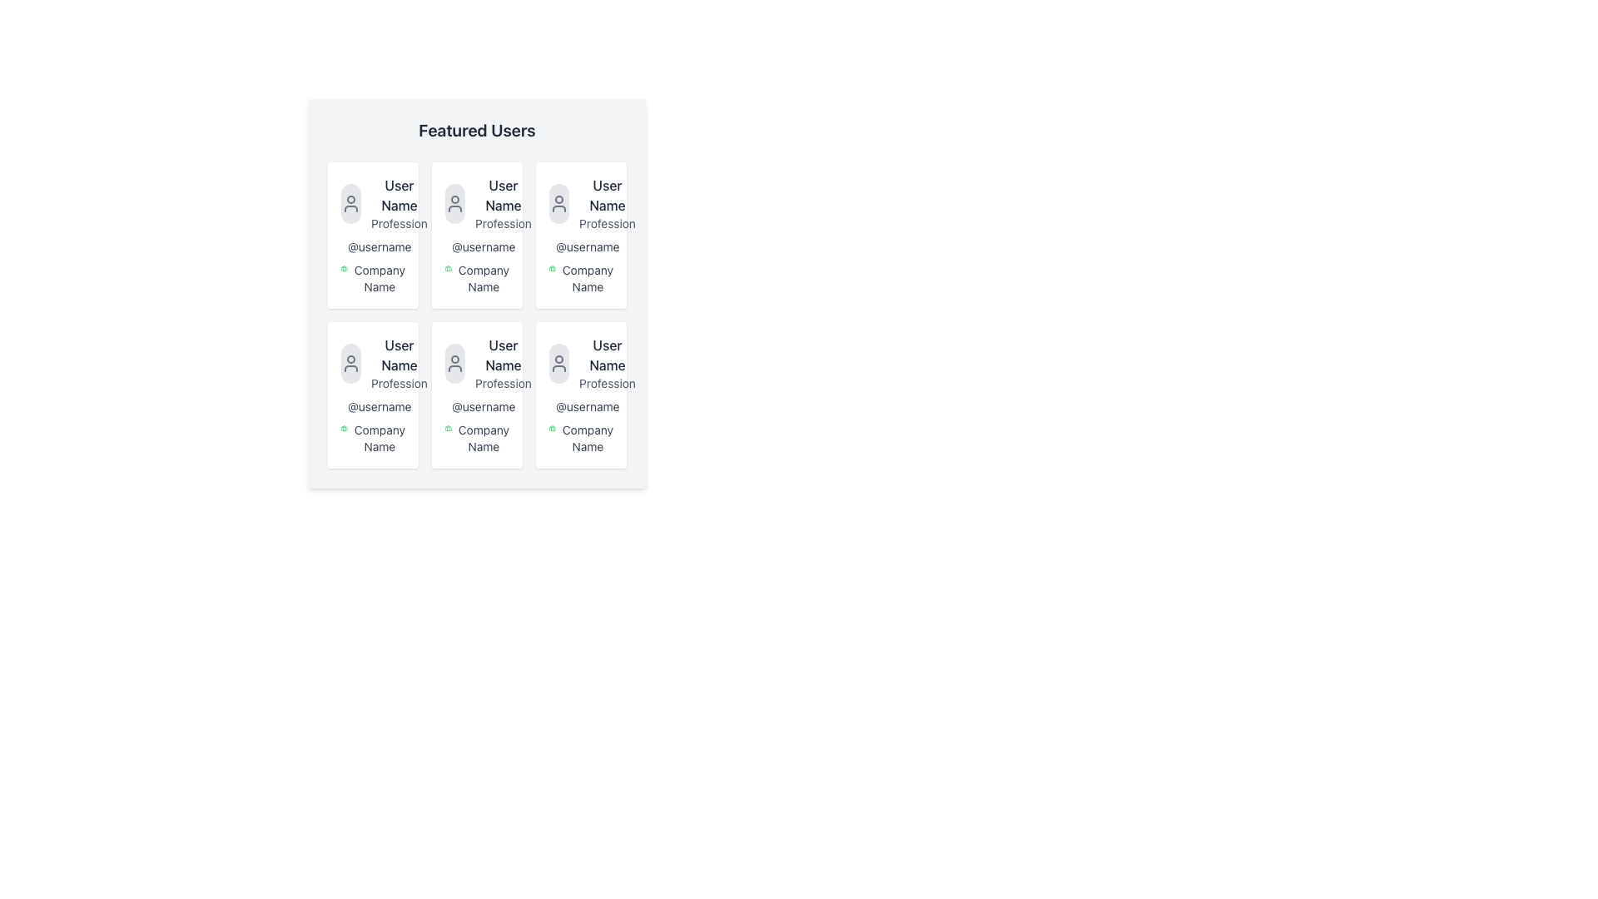 The height and width of the screenshot is (899, 1598). What do you see at coordinates (379, 438) in the screenshot?
I see `the static text displaying the company name located at the bottom-left corner of the 'Featured Users' grid interface, beneath the username text and icon details` at bounding box center [379, 438].